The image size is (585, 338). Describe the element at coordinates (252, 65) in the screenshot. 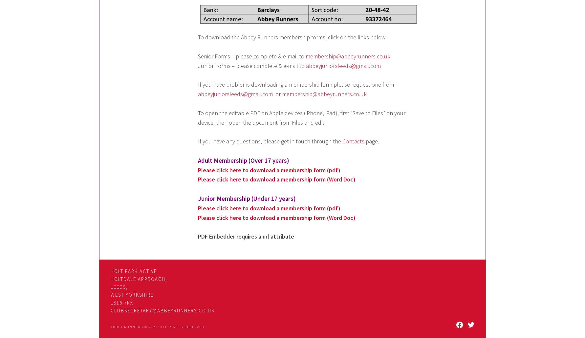

I see `'Junior Forms – please complete & e-mail to'` at that location.